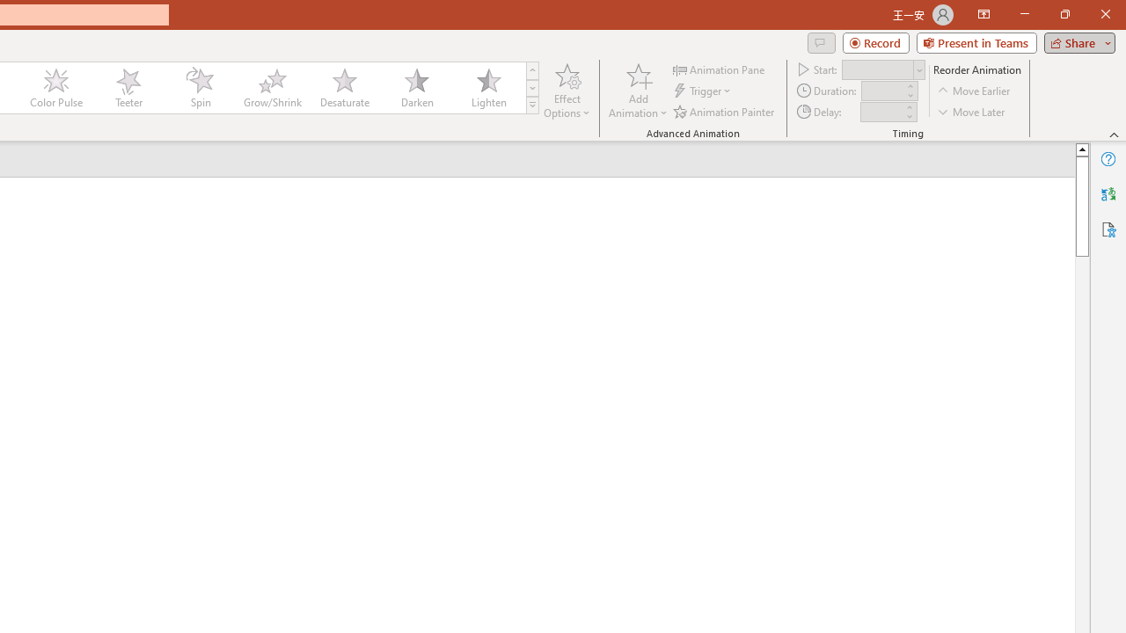 Image resolution: width=1126 pixels, height=633 pixels. What do you see at coordinates (567, 91) in the screenshot?
I see `'Effect Options'` at bounding box center [567, 91].